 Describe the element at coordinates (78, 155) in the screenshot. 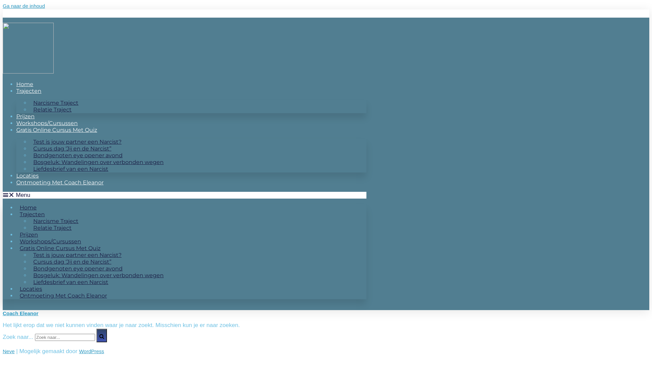

I see `'Bondgenoten eye opener avond'` at that location.